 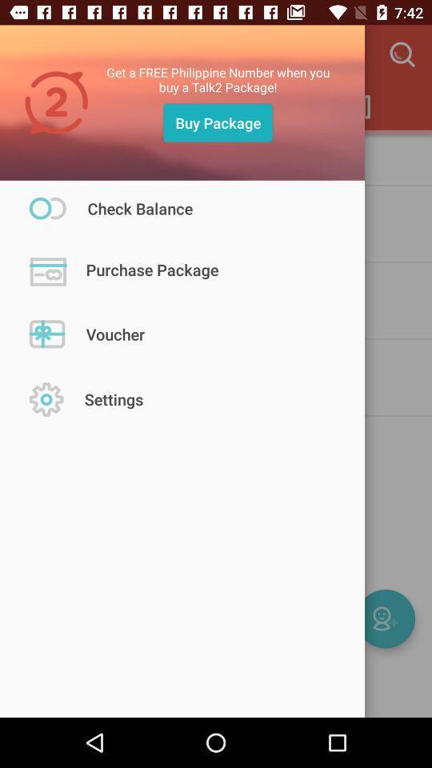 I want to click on the follow icon, so click(x=385, y=618).